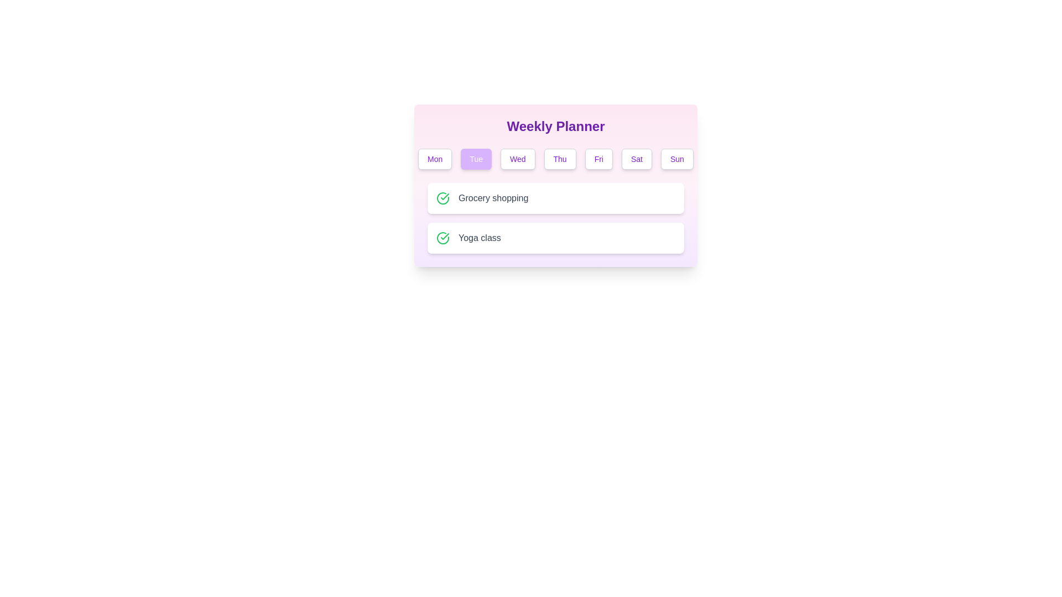 The width and height of the screenshot is (1062, 597). Describe the element at coordinates (637, 159) in the screenshot. I see `the element Sat to observe visual feedback` at that location.